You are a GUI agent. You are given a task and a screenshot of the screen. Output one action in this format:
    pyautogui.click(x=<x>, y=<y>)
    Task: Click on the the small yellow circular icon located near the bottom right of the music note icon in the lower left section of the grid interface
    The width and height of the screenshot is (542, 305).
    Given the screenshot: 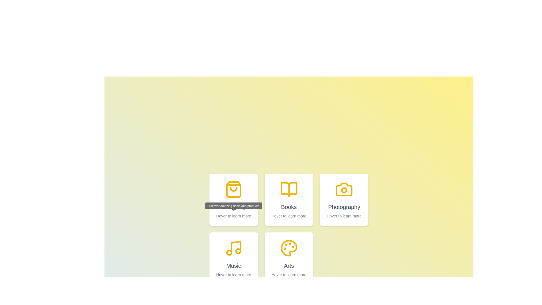 What is the action you would take?
    pyautogui.click(x=238, y=251)
    